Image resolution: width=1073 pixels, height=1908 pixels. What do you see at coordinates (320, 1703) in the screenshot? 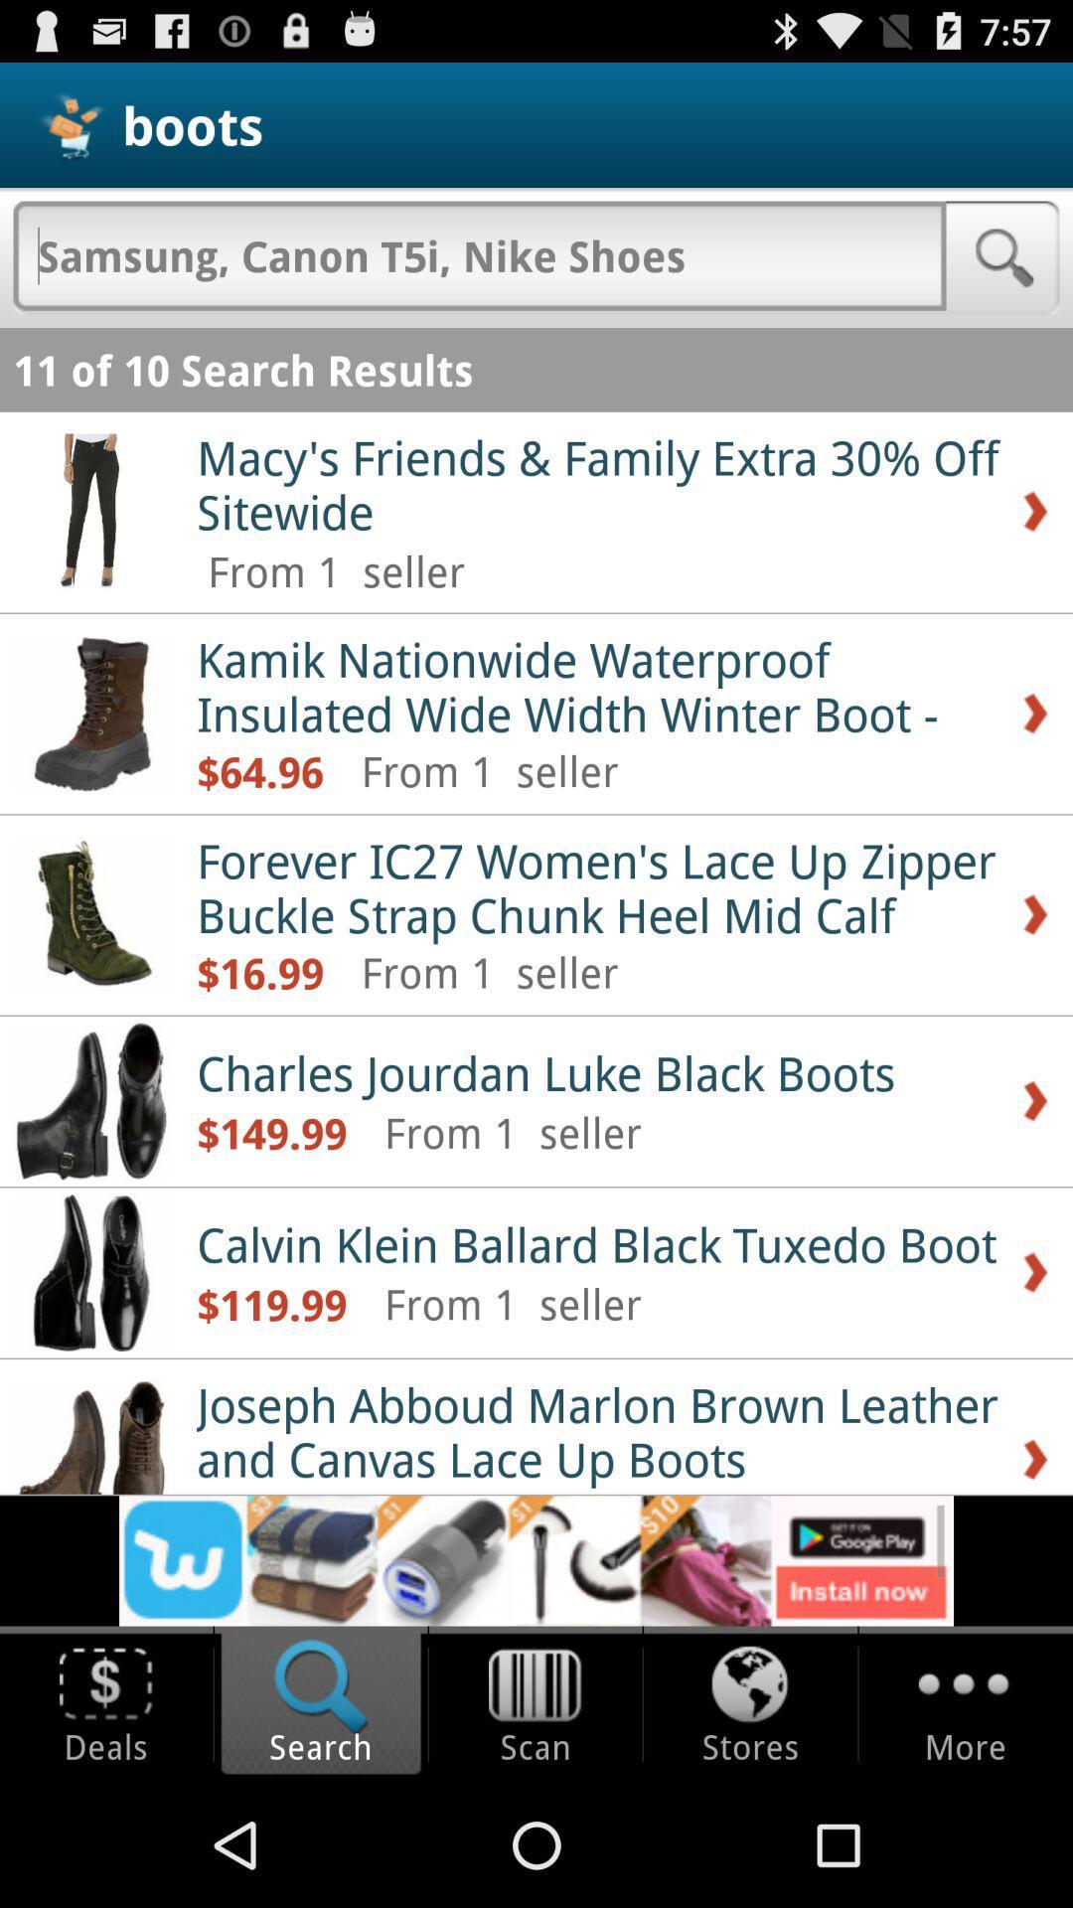
I see `the search icon which is above the navigation bar` at bounding box center [320, 1703].